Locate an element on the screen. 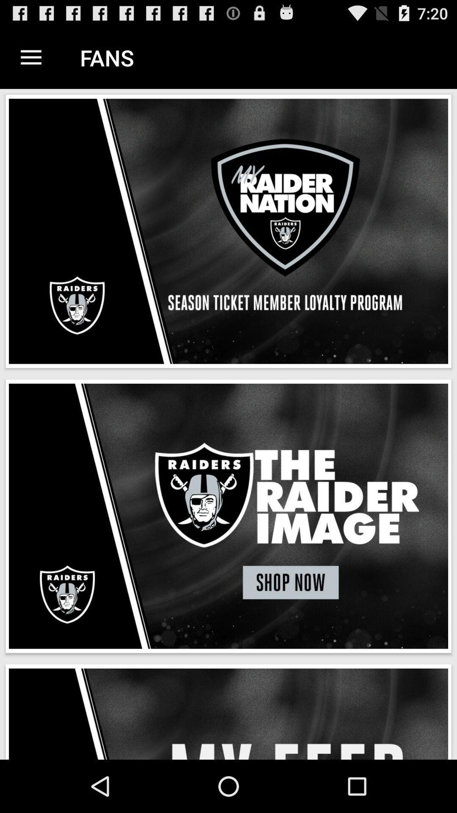 The image size is (457, 813). the app to the left of fans app is located at coordinates (30, 57).